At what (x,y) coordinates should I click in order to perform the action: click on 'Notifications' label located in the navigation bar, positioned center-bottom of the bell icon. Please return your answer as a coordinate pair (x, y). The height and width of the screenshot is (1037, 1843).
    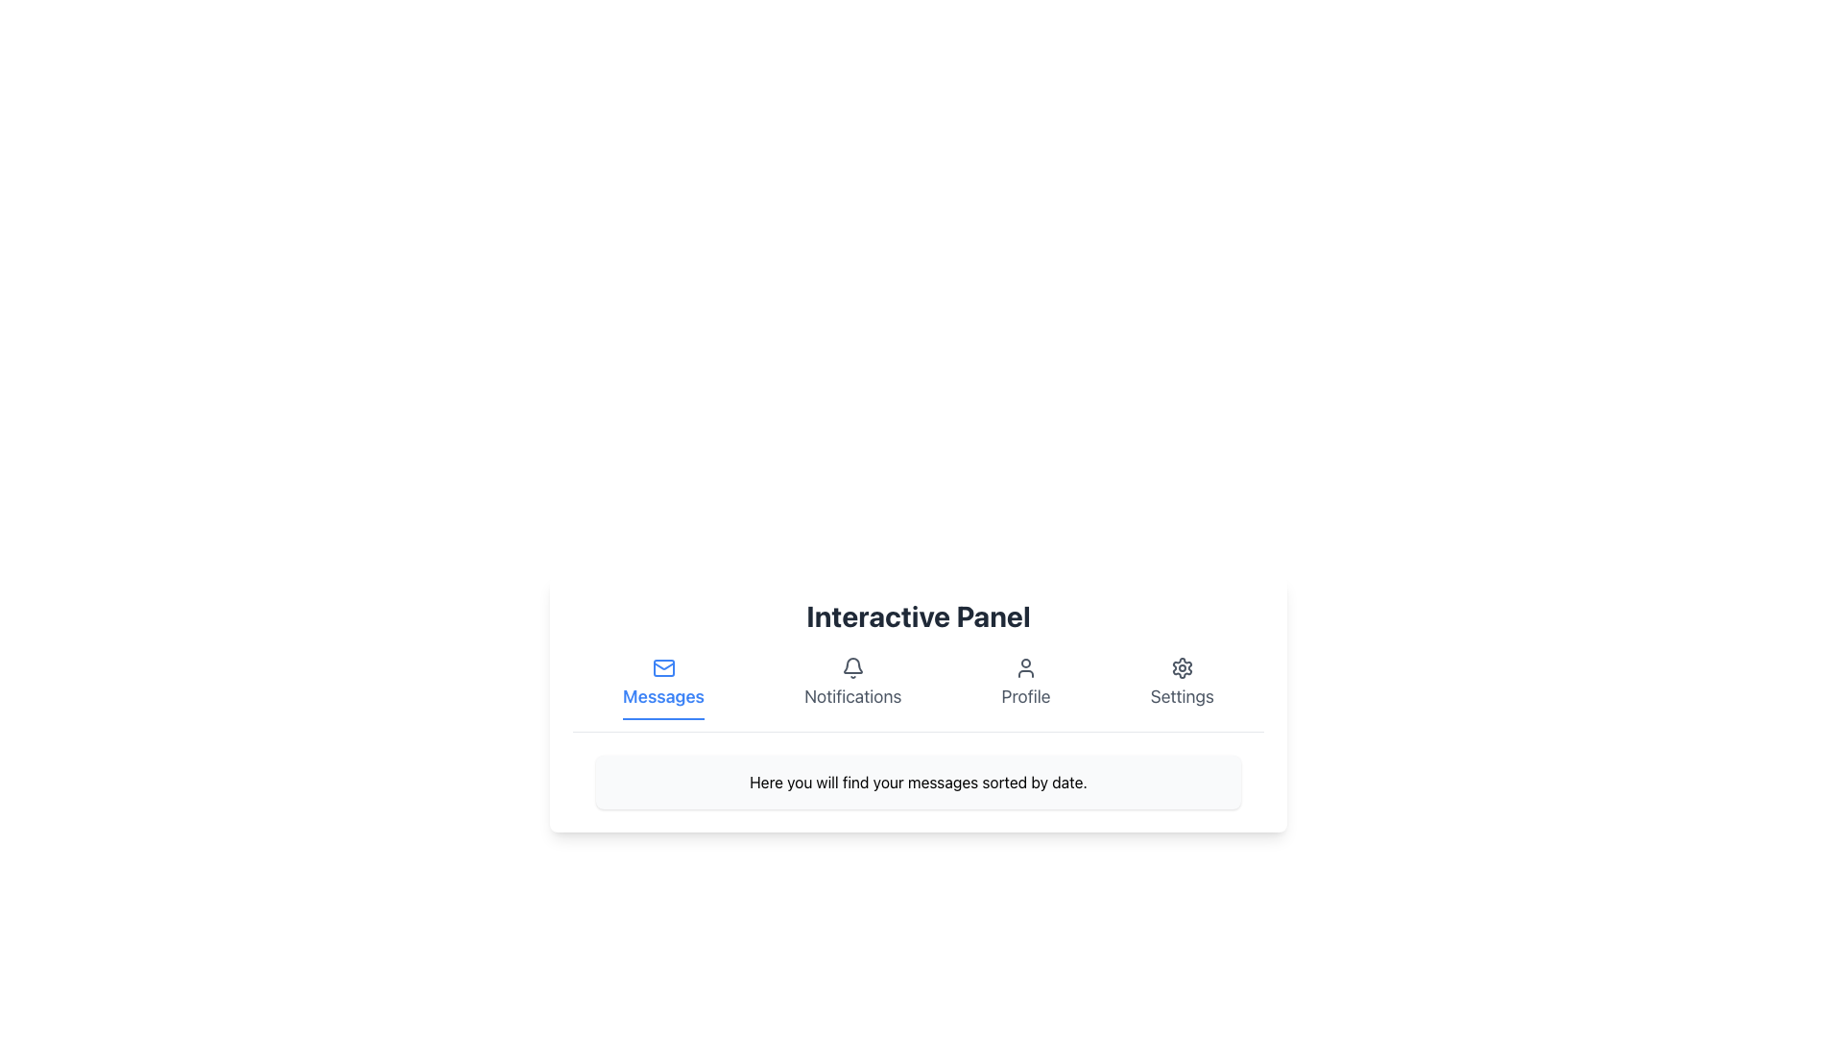
    Looking at the image, I should click on (851, 696).